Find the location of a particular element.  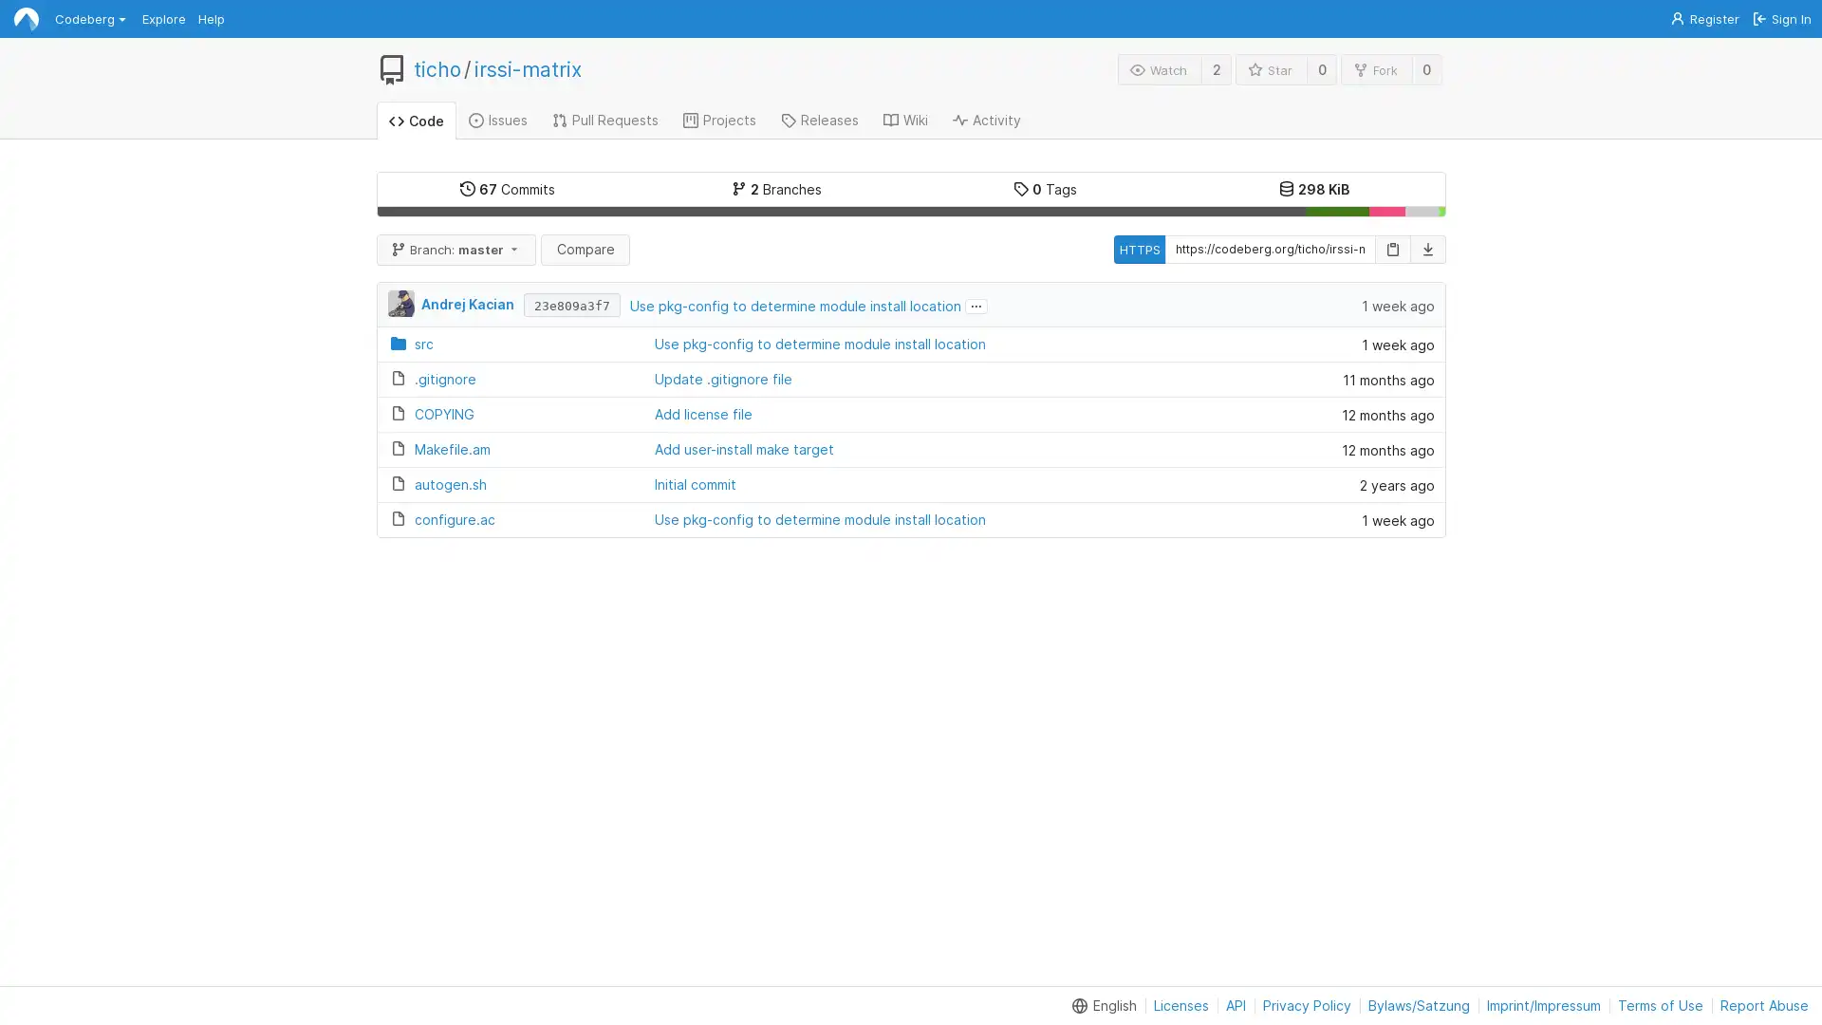

HTTPS is located at coordinates (1139, 248).